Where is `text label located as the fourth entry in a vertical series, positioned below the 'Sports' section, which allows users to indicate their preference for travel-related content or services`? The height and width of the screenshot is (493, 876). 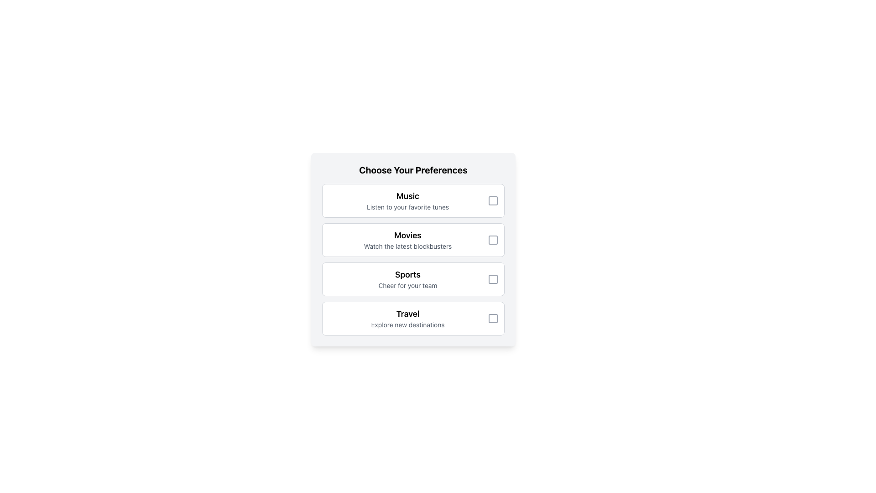
text label located as the fourth entry in a vertical series, positioned below the 'Sports' section, which allows users to indicate their preference for travel-related content or services is located at coordinates (407, 318).